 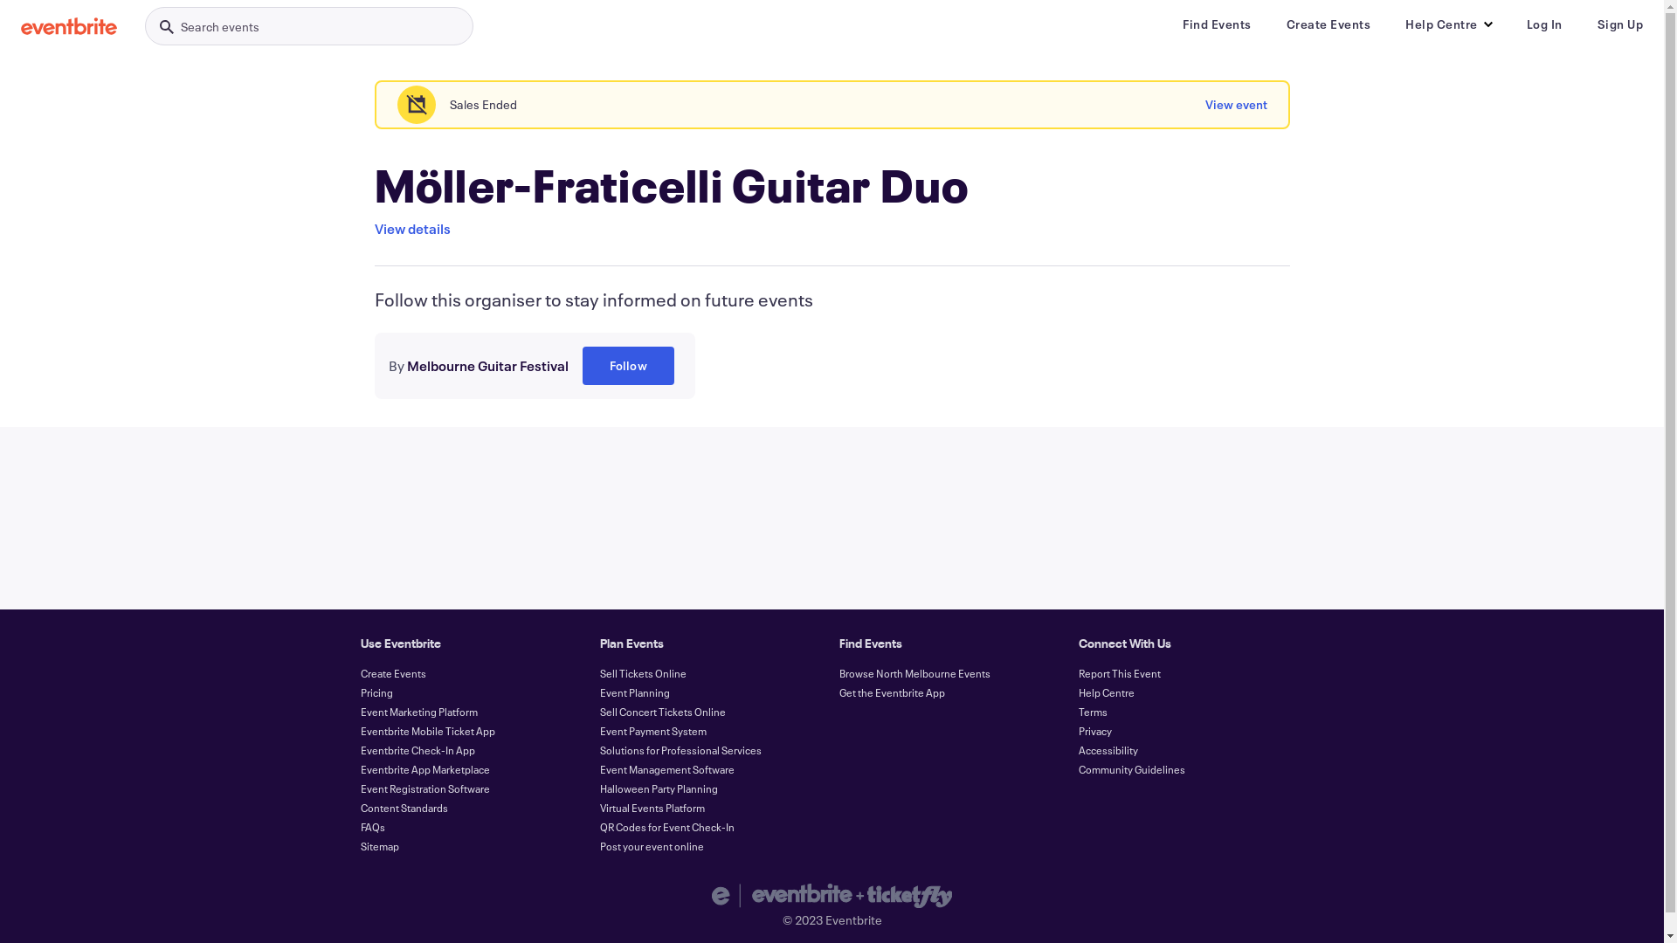 What do you see at coordinates (1106, 749) in the screenshot?
I see `'Accessibility'` at bounding box center [1106, 749].